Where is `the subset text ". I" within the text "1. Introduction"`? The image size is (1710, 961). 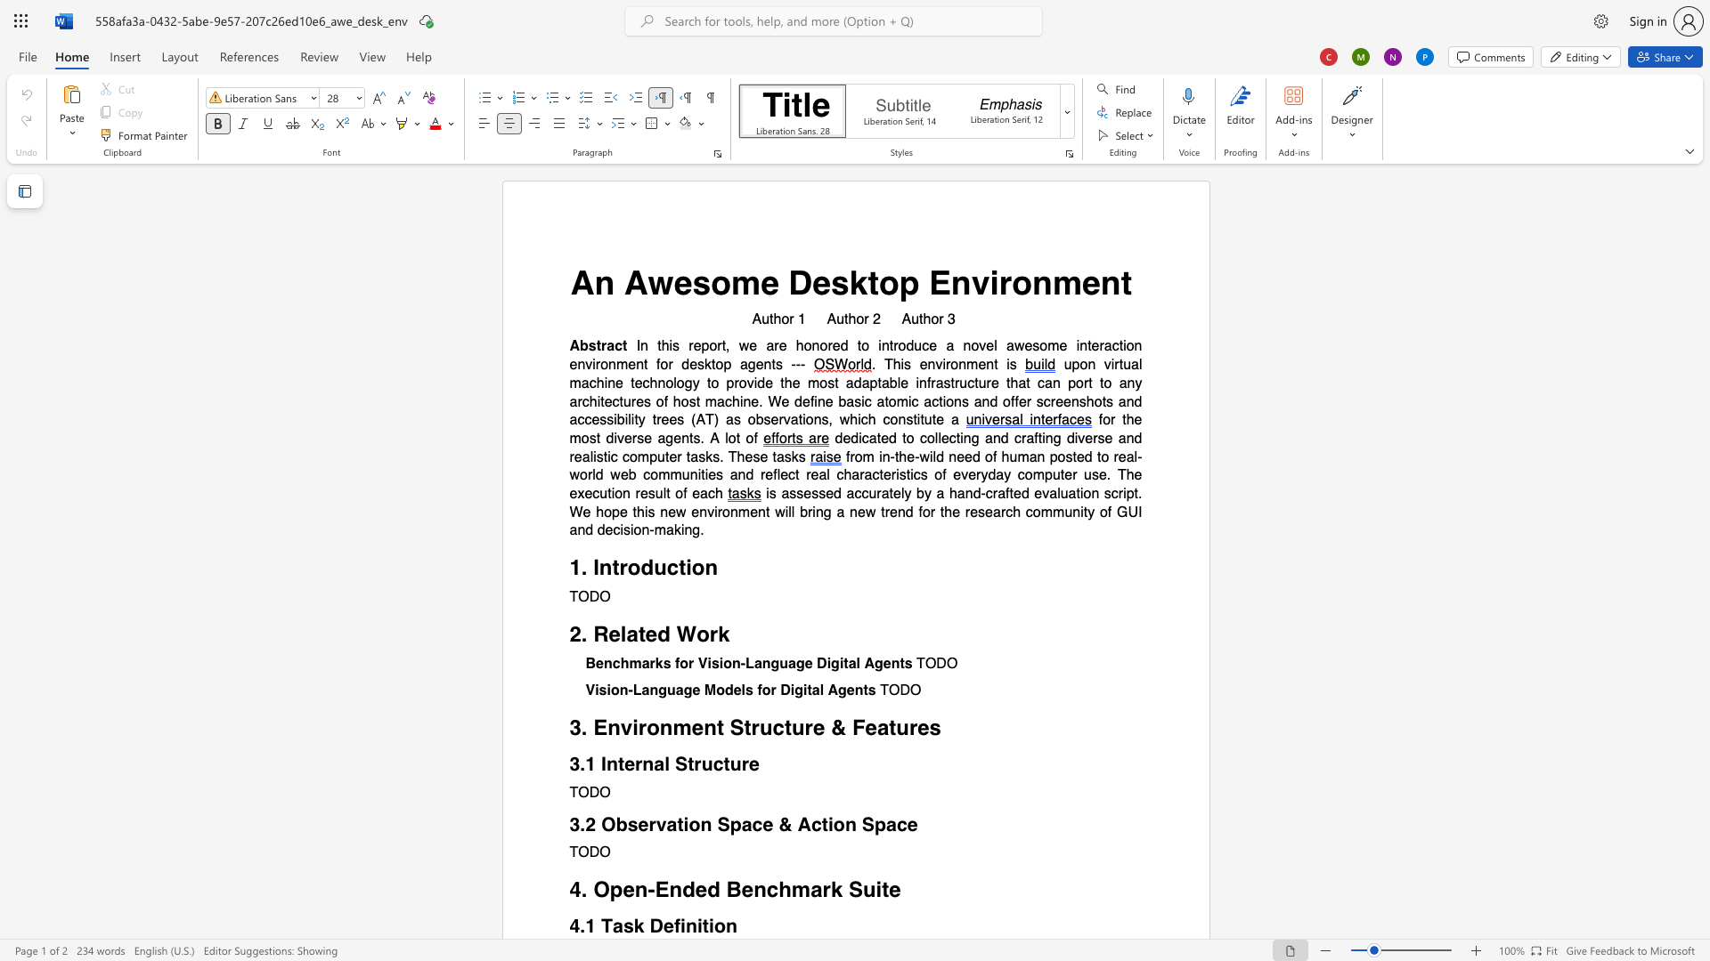
the subset text ". I" within the text "1. Introduction" is located at coordinates (581, 568).